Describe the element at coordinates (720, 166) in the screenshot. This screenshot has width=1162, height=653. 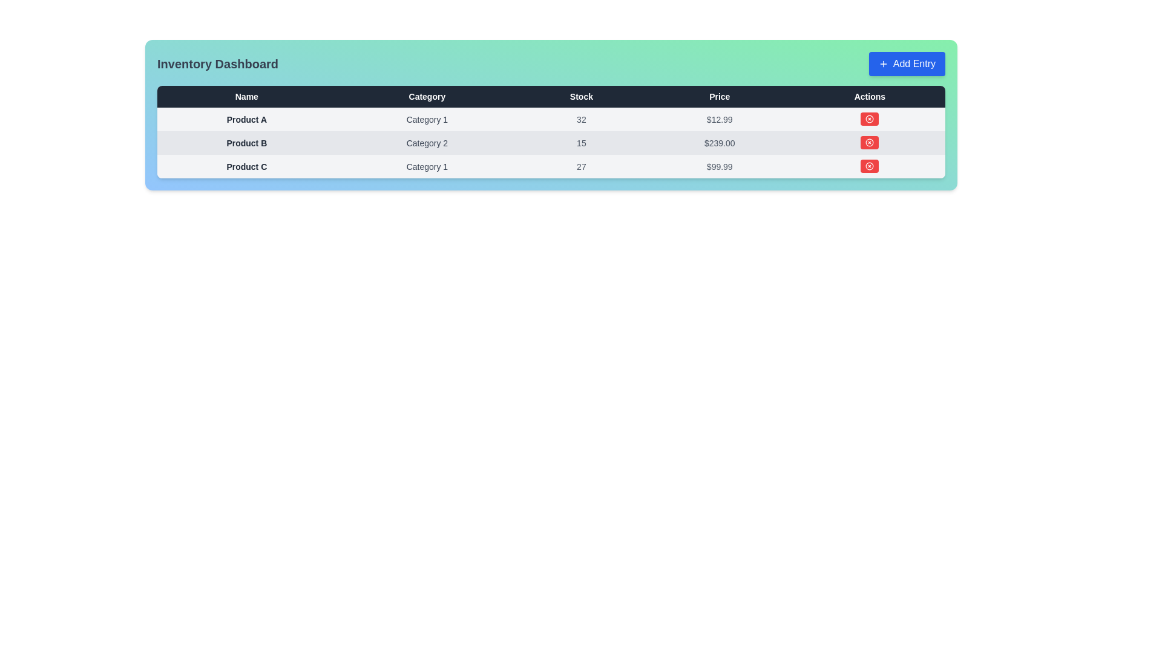
I see `the text displaying '$99.99' in light gray font within the 'Price' field of the inventory table for 'Product C'` at that location.